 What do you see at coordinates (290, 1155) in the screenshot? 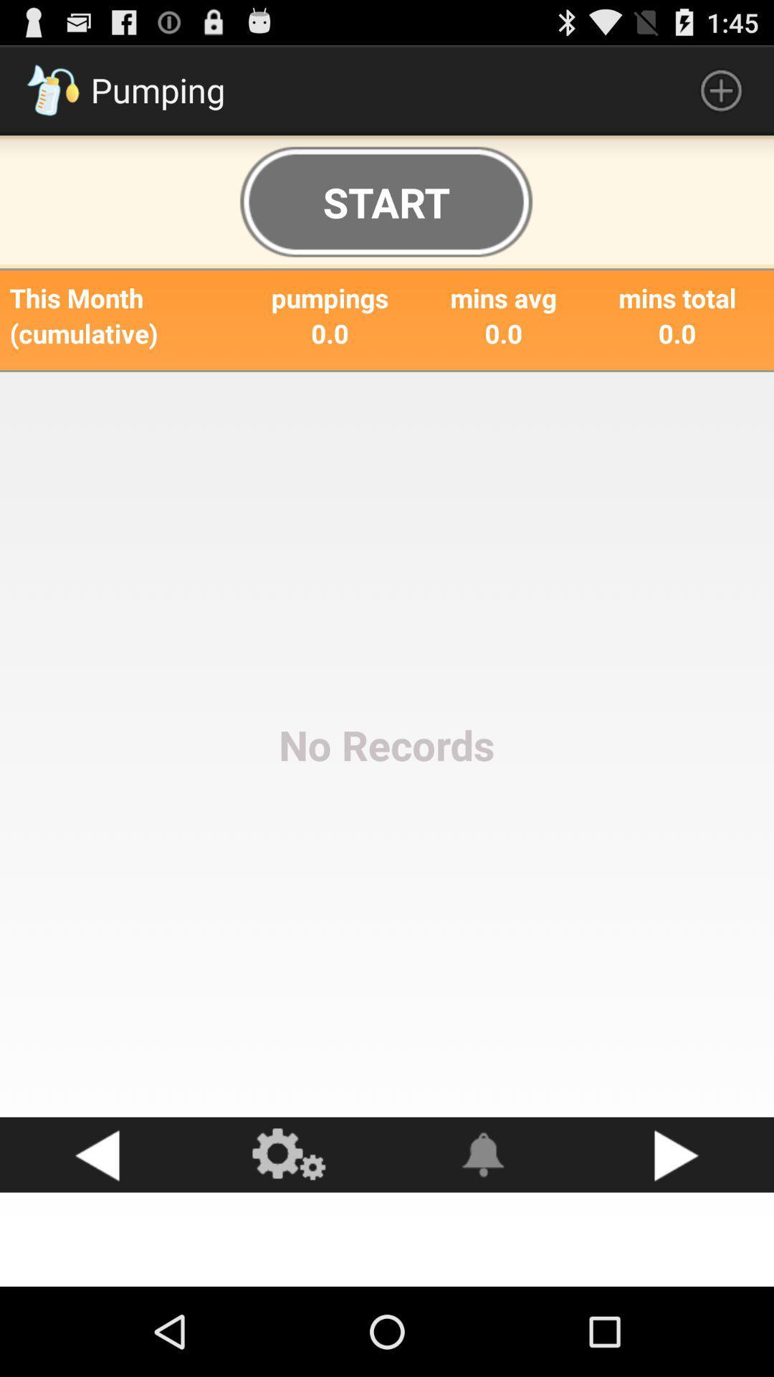
I see `get to settings` at bounding box center [290, 1155].